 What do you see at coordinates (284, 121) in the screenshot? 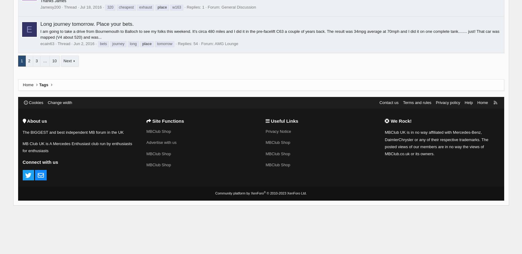
I see `'Useful Links'` at bounding box center [284, 121].